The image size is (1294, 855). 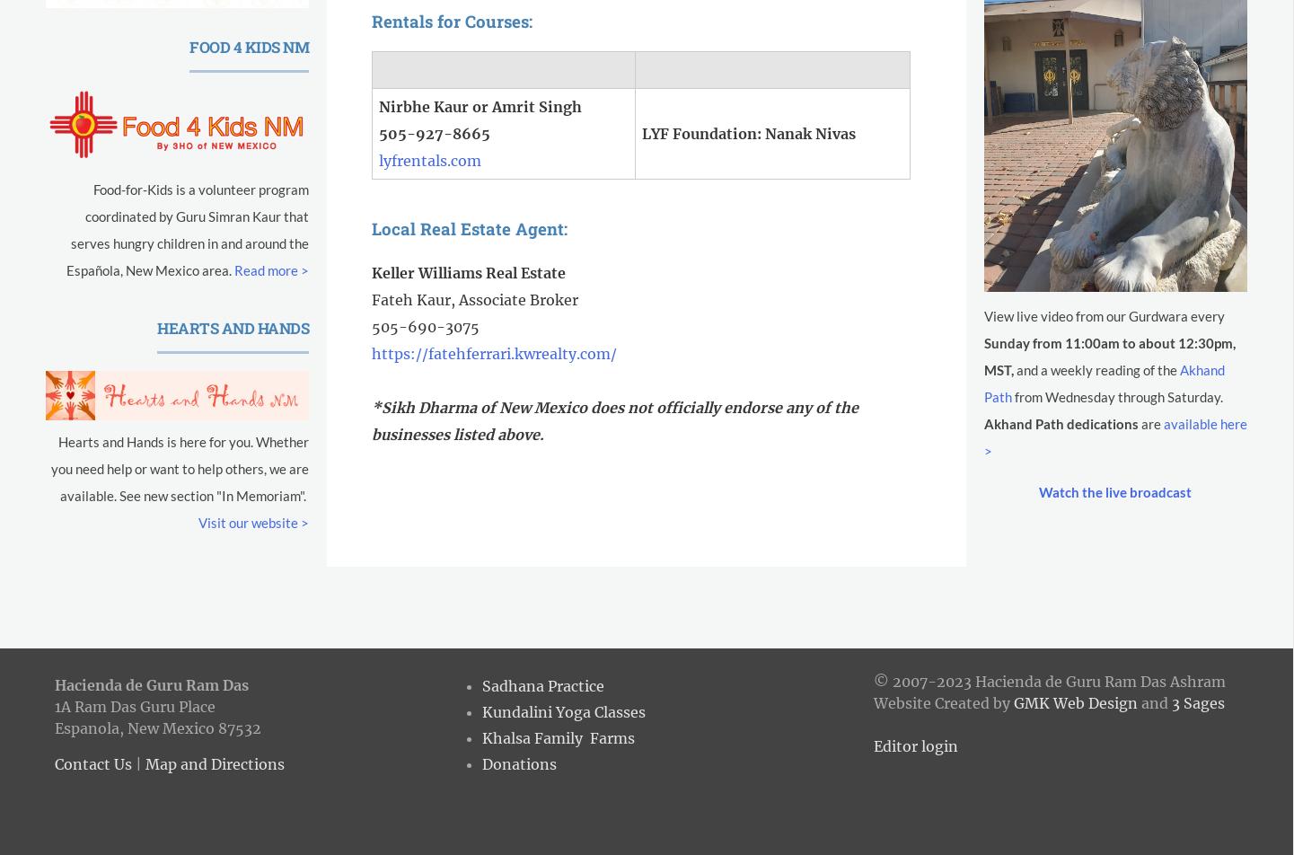 What do you see at coordinates (1103, 315) in the screenshot?
I see `'View live video from our Gurdwara every'` at bounding box center [1103, 315].